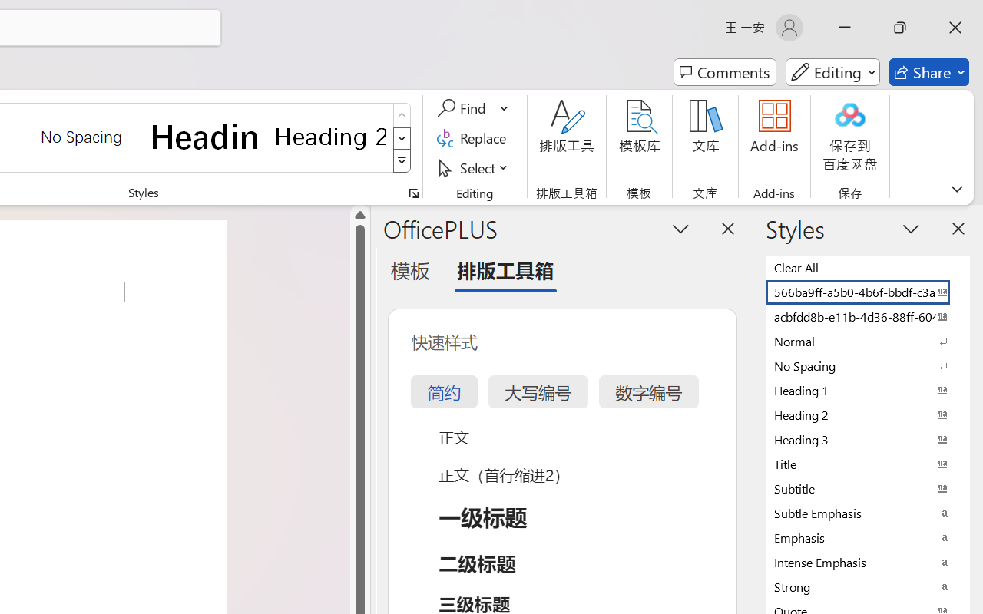 Image resolution: width=983 pixels, height=614 pixels. What do you see at coordinates (955, 27) in the screenshot?
I see `'Close'` at bounding box center [955, 27].